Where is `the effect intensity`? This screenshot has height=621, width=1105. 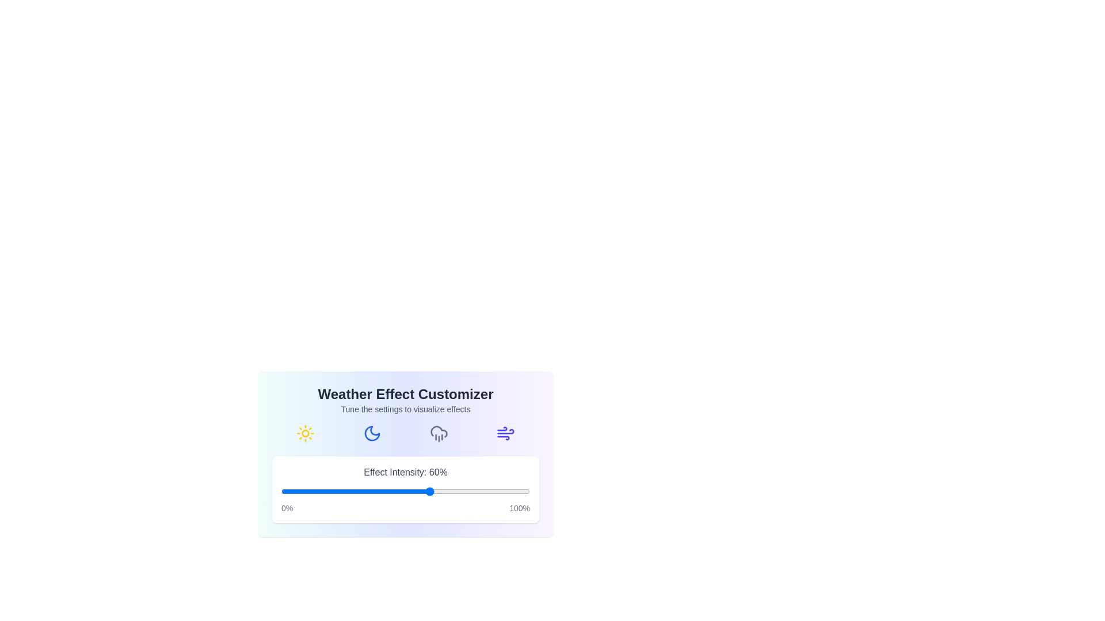 the effect intensity is located at coordinates (457, 492).